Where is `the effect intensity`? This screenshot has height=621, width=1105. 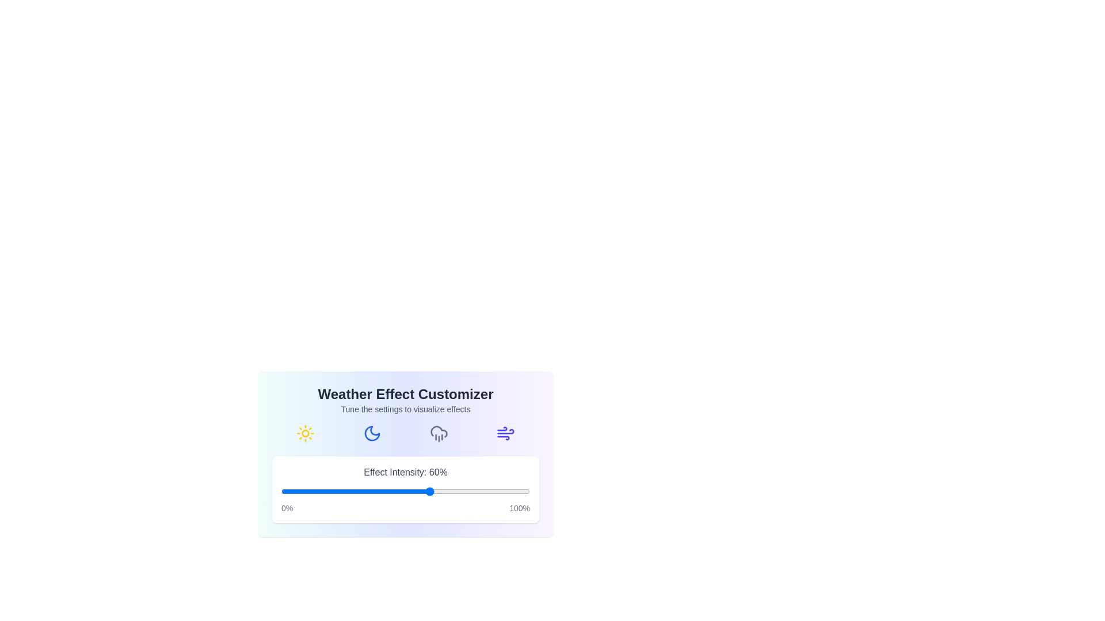 the effect intensity is located at coordinates (457, 492).